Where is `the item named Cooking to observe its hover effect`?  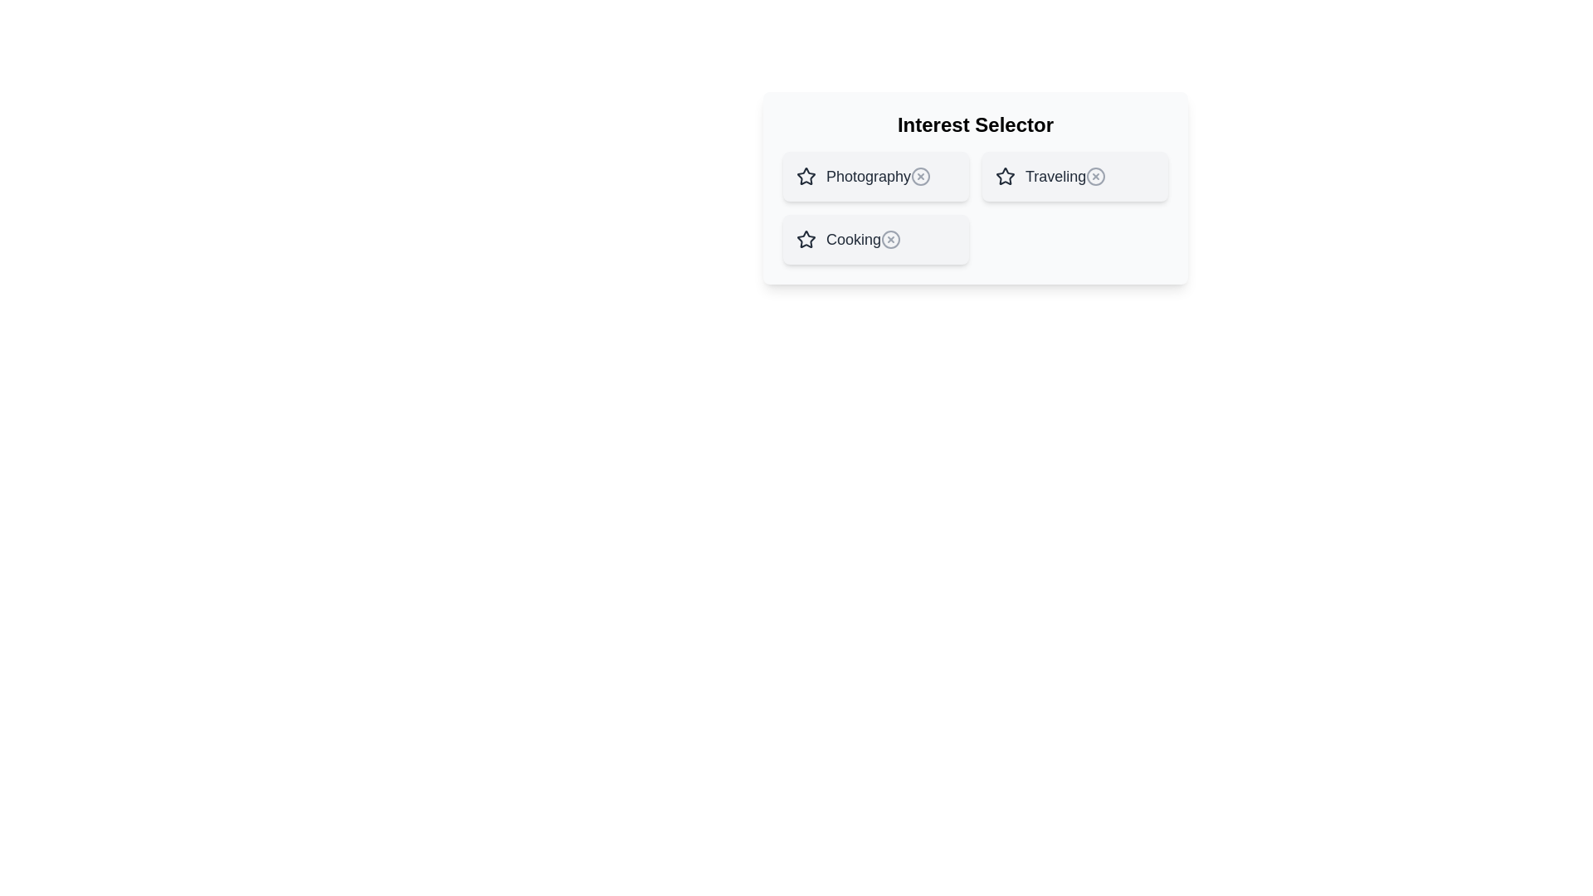 the item named Cooking to observe its hover effect is located at coordinates (875, 240).